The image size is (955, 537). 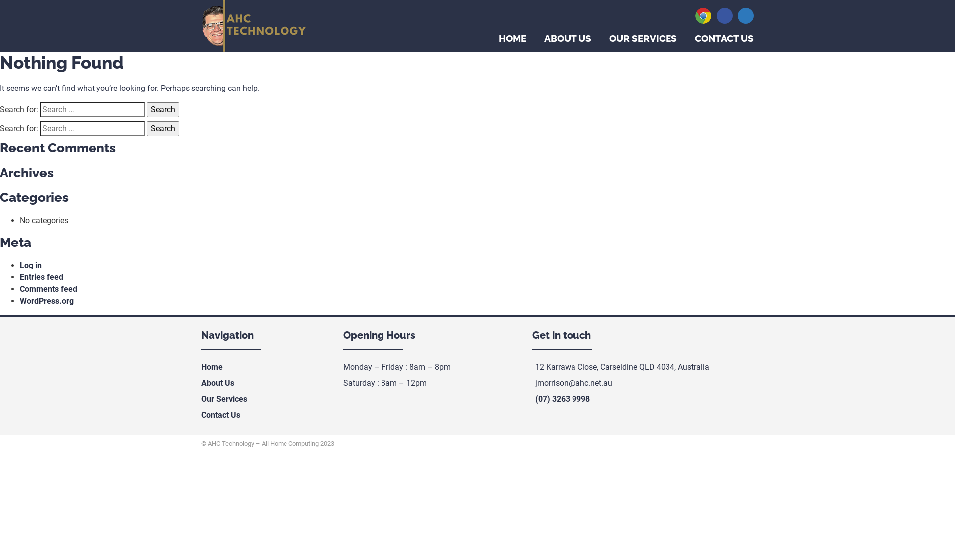 What do you see at coordinates (211, 367) in the screenshot?
I see `'Home'` at bounding box center [211, 367].